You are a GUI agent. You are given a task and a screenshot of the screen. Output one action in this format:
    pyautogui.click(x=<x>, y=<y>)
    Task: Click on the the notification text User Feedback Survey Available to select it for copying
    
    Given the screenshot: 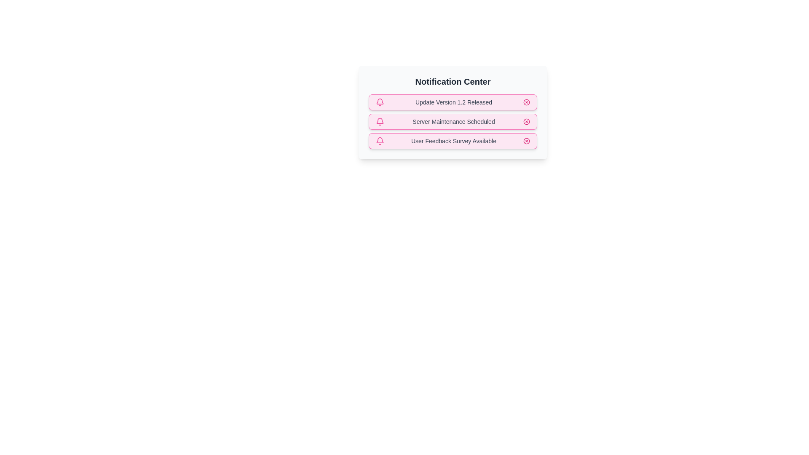 What is the action you would take?
    pyautogui.click(x=453, y=141)
    